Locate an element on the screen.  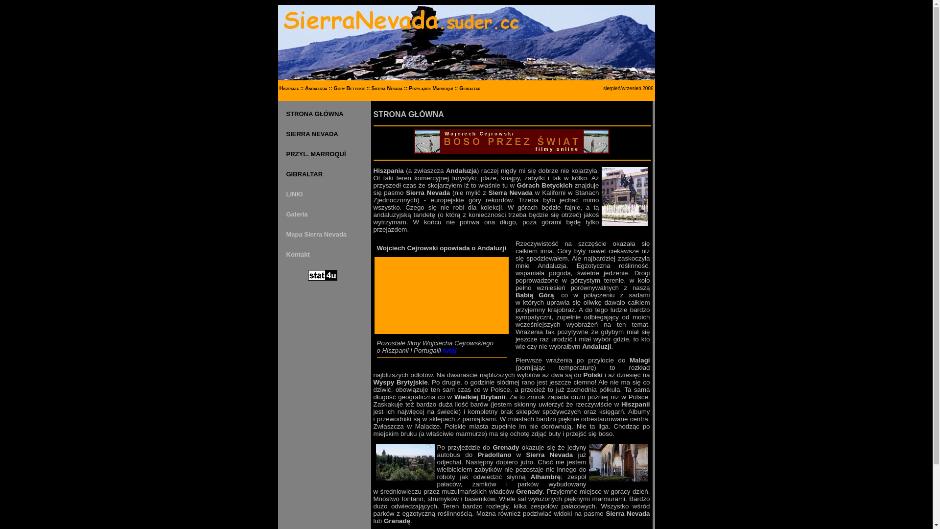
'GIBRALTAR' is located at coordinates (304, 173).